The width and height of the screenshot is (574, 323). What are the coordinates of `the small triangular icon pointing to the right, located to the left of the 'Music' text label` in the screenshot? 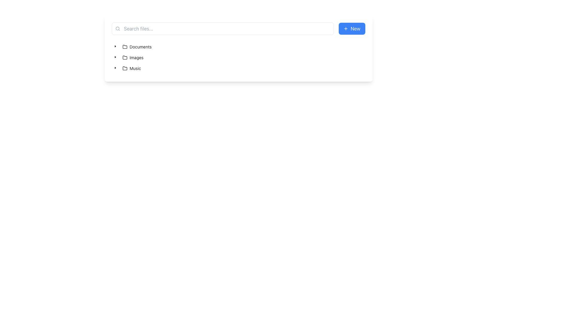 It's located at (115, 68).